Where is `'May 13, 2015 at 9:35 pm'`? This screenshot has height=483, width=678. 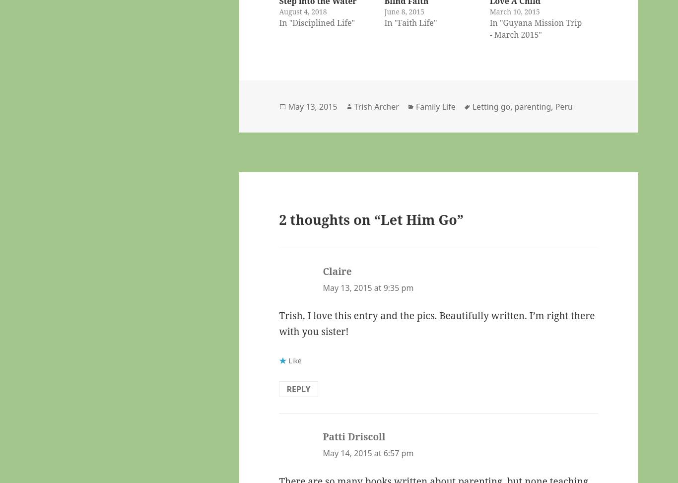
'May 13, 2015 at 9:35 pm' is located at coordinates (368, 287).